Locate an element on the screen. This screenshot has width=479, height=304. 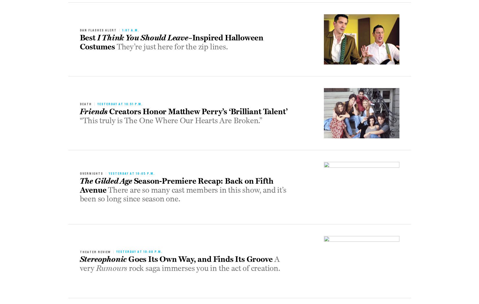
'overnights' is located at coordinates (91, 173).